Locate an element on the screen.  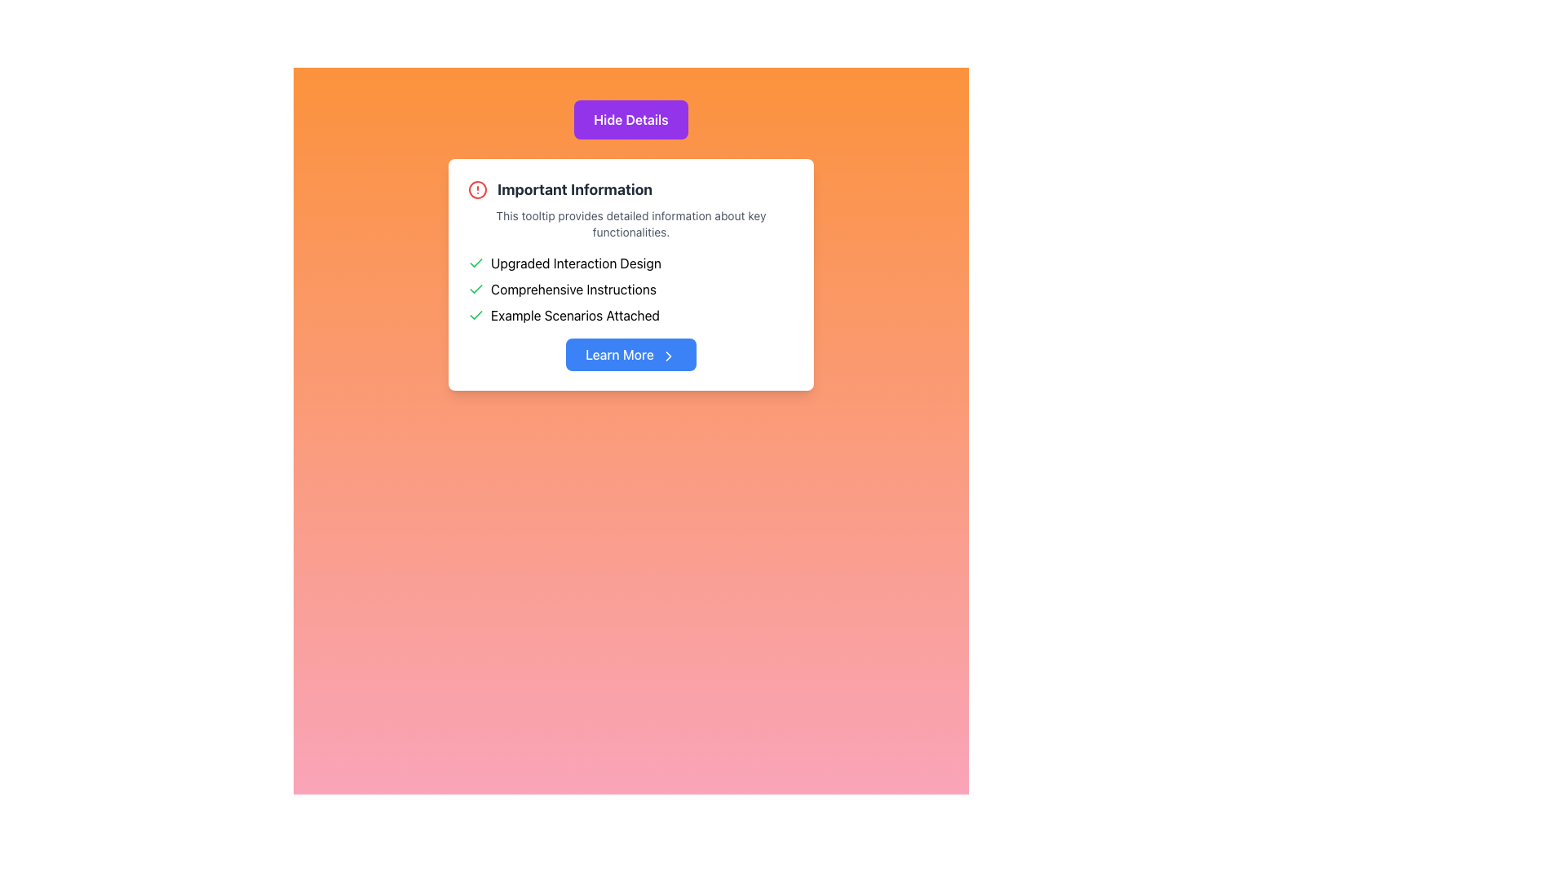
the right chevron icon located at the bottom-right corner of the 'Learn More' button, which is styled with a blue color and serves as a navigation indicator is located at coordinates (668, 355).